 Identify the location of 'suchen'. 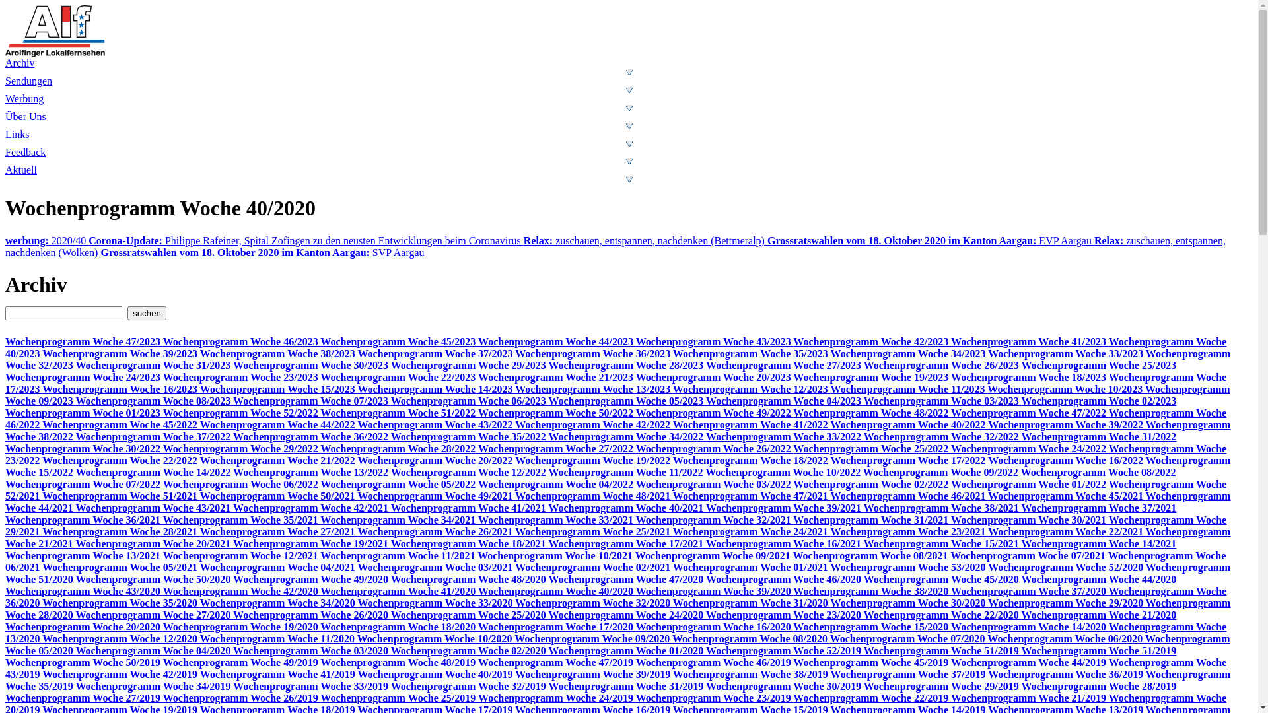
(147, 313).